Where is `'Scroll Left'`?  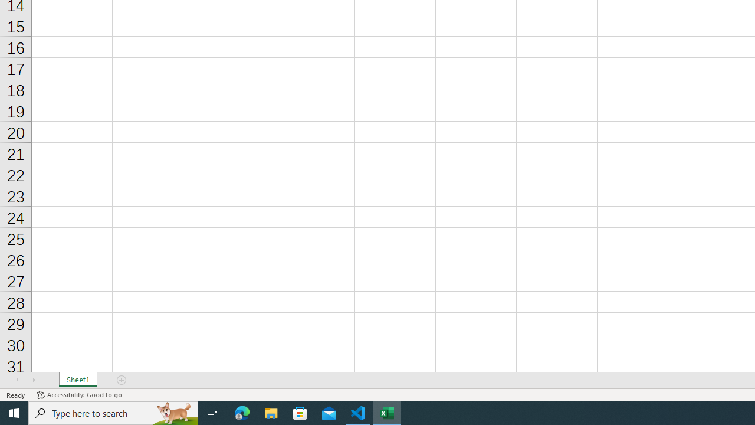 'Scroll Left' is located at coordinates (17, 380).